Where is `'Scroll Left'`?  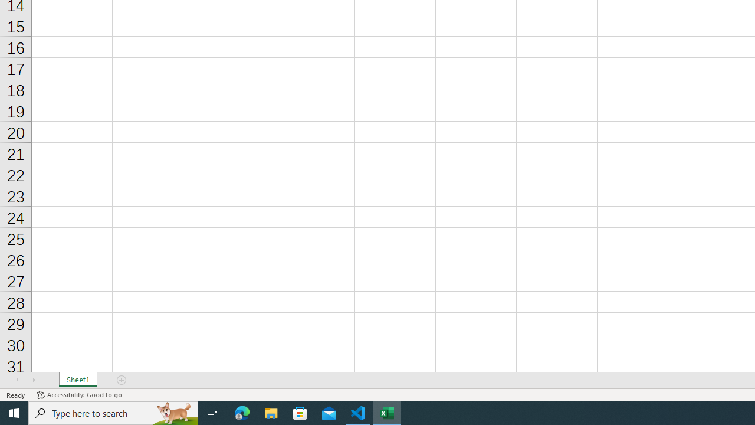 'Scroll Left' is located at coordinates (17, 380).